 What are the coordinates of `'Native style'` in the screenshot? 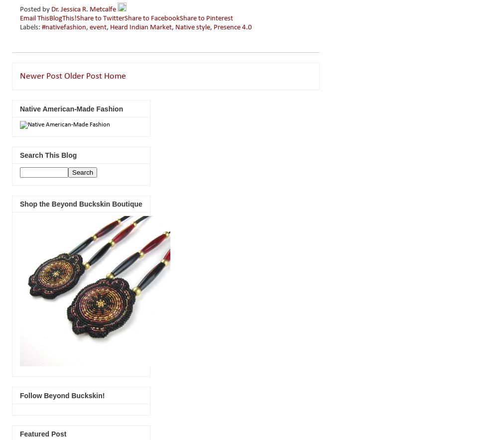 It's located at (193, 27).